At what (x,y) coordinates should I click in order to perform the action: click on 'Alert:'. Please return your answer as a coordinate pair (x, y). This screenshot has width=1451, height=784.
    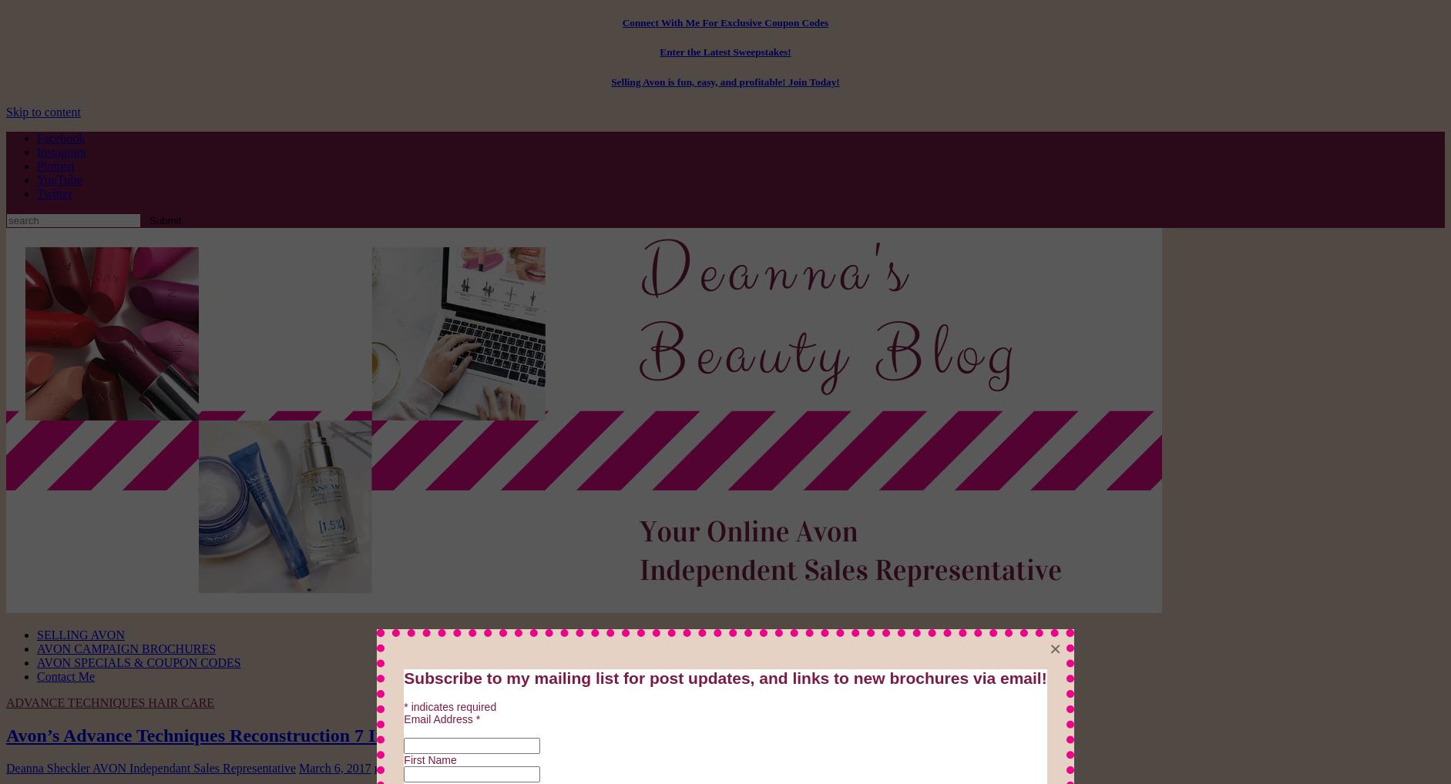
    Looking at the image, I should click on (717, 776).